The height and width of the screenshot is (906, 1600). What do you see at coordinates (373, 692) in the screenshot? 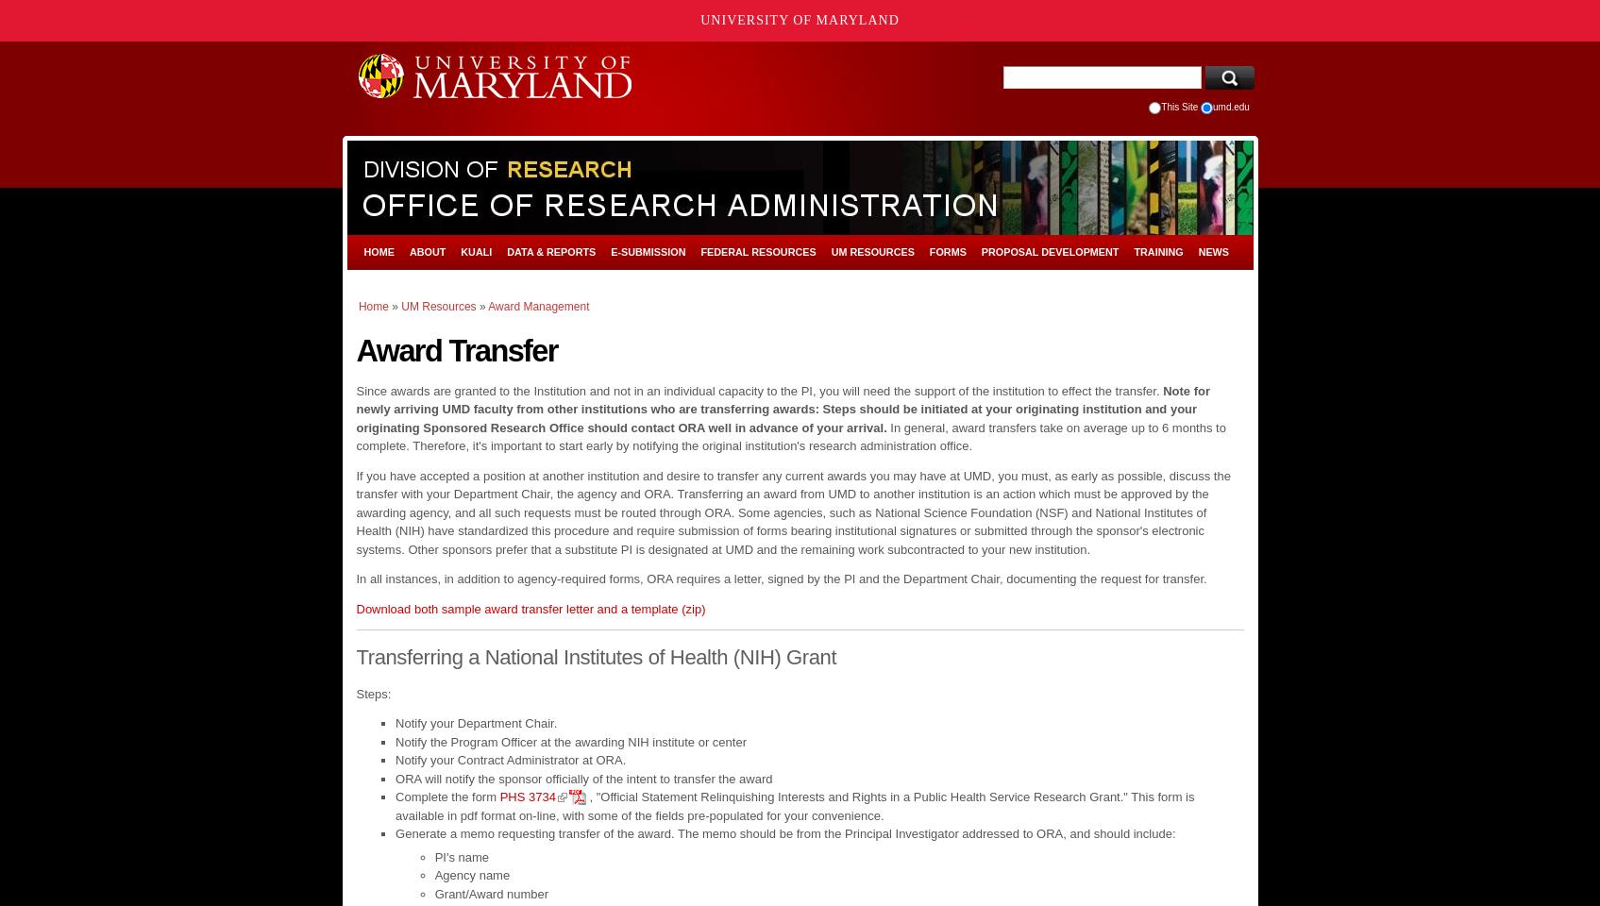
I see `'Steps:'` at bounding box center [373, 692].